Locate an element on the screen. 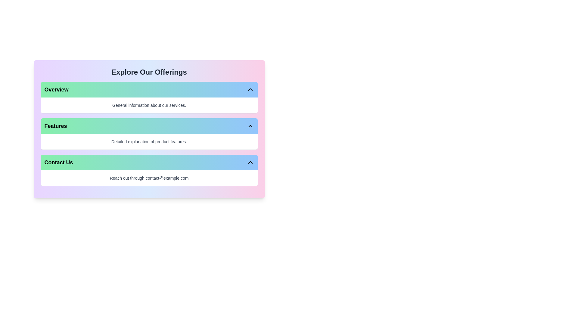 Image resolution: width=578 pixels, height=325 pixels. information displayed in the collapsible section header labeled 'Overview', which includes general information about services is located at coordinates (149, 97).